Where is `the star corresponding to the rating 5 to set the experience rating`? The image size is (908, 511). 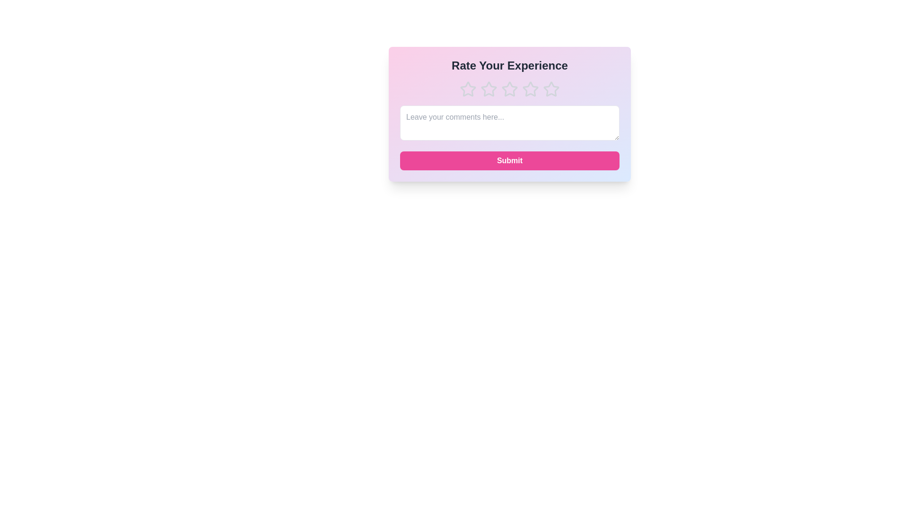 the star corresponding to the rating 5 to set the experience rating is located at coordinates (551, 89).